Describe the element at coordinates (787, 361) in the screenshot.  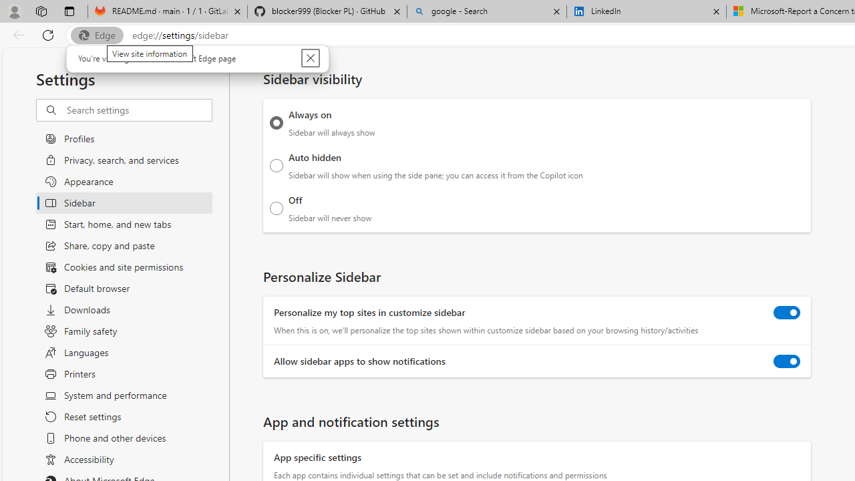
I see `'Allow sidebar apps to show notifications'` at that location.